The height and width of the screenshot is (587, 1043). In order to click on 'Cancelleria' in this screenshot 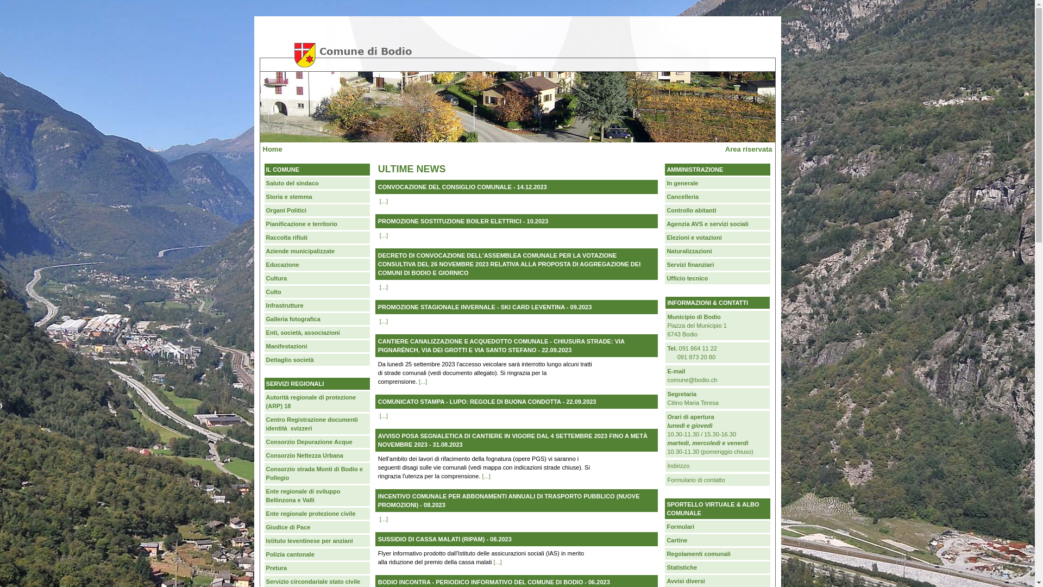, I will do `click(717, 197)`.